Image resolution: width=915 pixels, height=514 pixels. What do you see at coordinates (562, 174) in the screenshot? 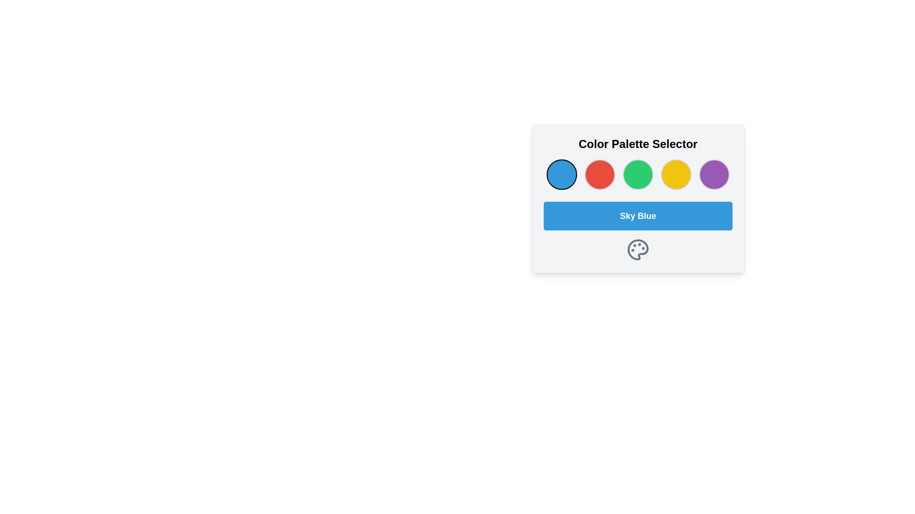
I see `the circular button with a light blue background and black border in the 'Color Palette Selector' panel` at bounding box center [562, 174].